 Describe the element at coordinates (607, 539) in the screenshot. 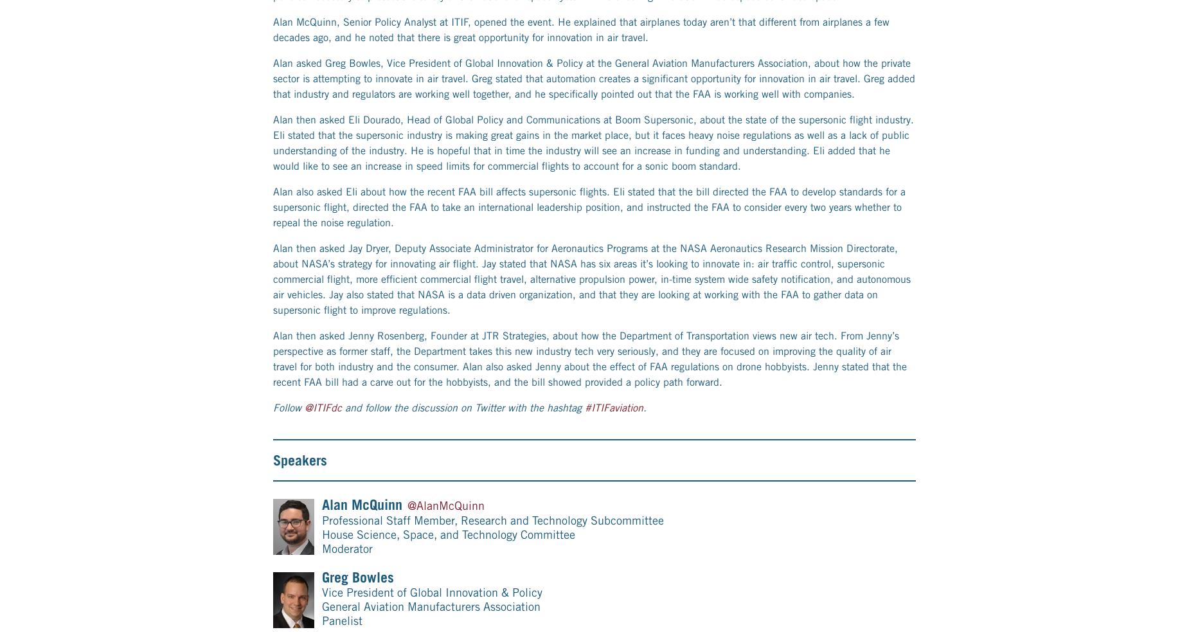

I see `'Global Trade and'` at that location.